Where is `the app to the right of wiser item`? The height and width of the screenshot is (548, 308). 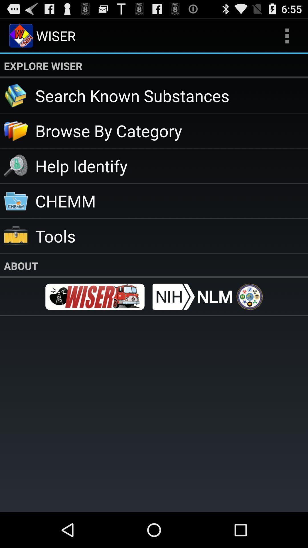
the app to the right of wiser item is located at coordinates (287, 35).